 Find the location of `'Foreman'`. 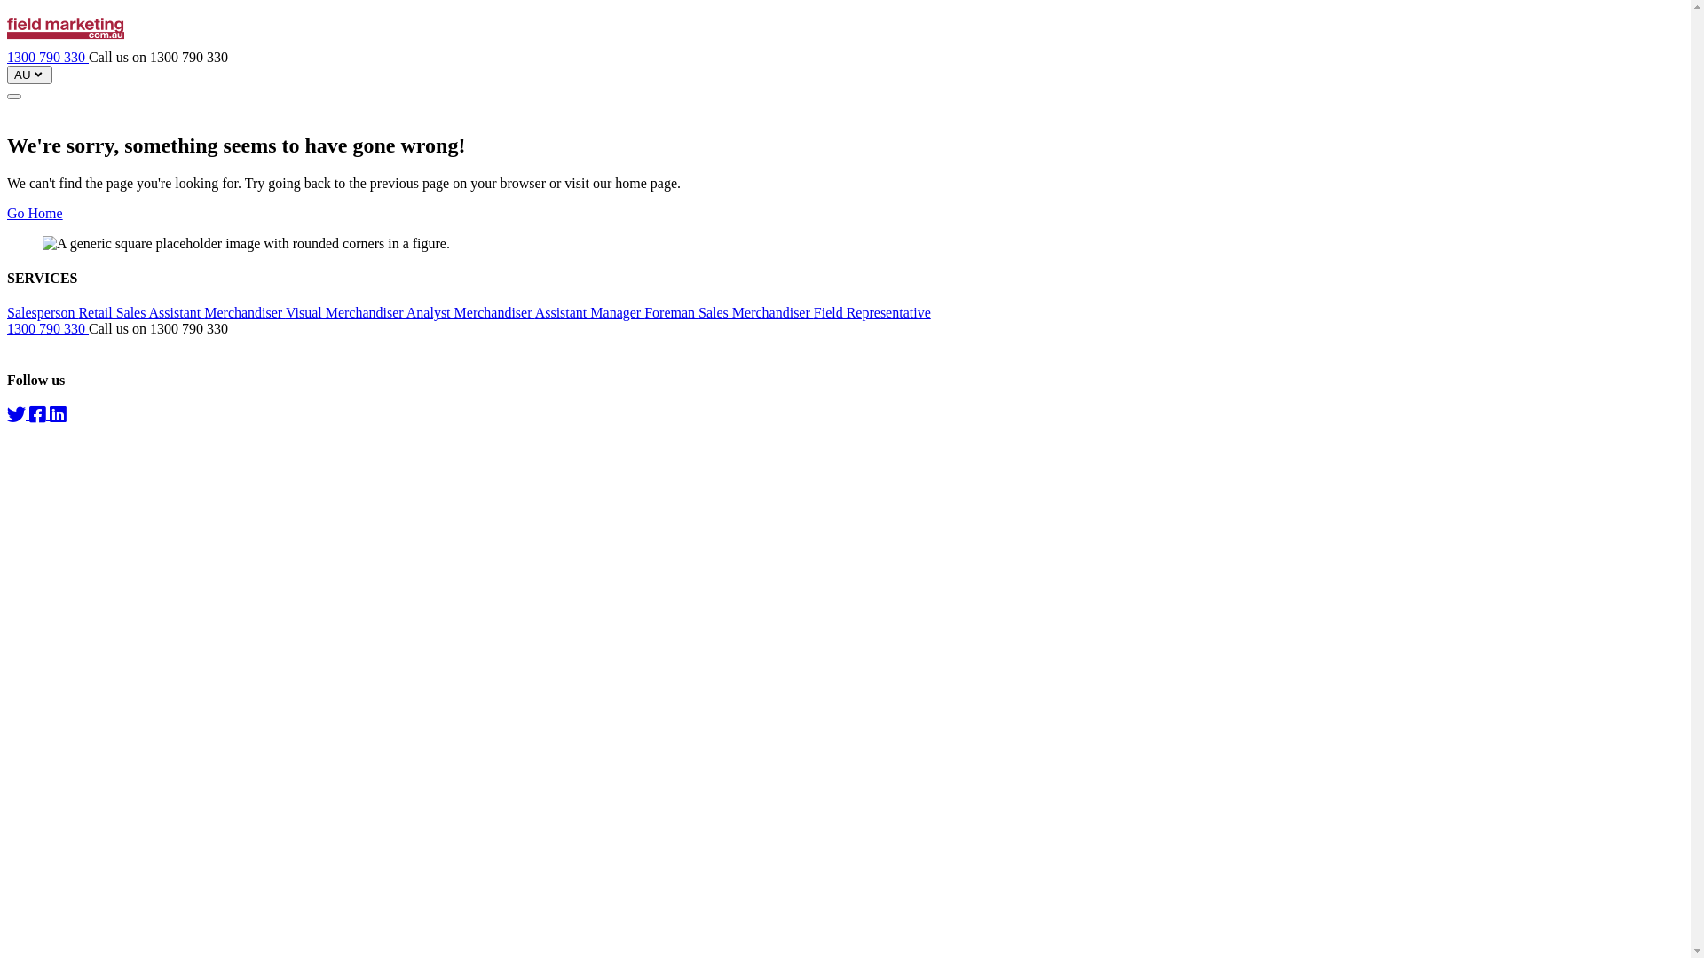

'Foreman' is located at coordinates (670, 311).